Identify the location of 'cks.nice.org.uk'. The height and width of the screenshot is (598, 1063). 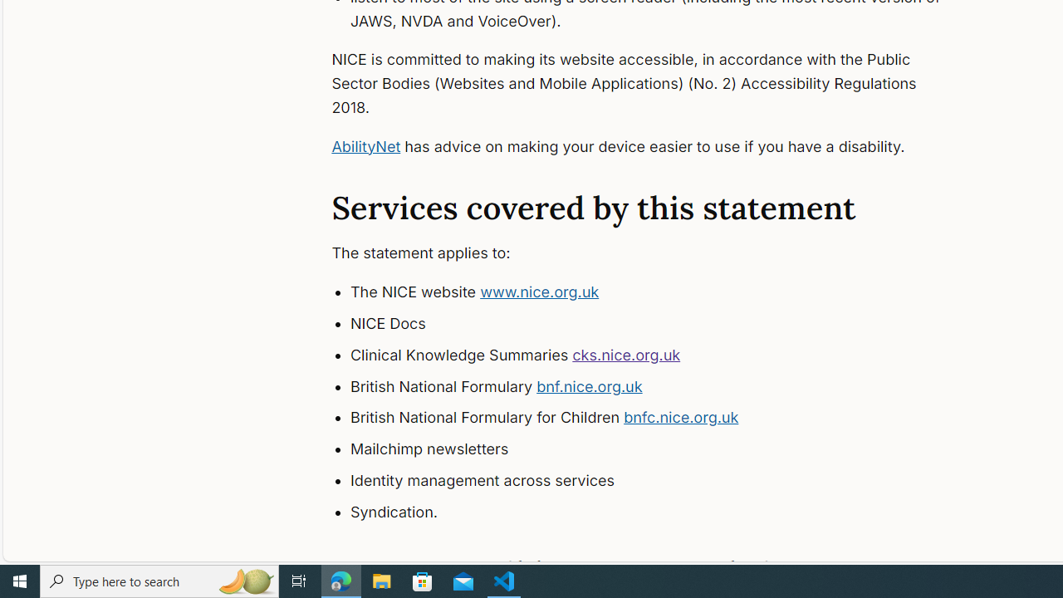
(625, 353).